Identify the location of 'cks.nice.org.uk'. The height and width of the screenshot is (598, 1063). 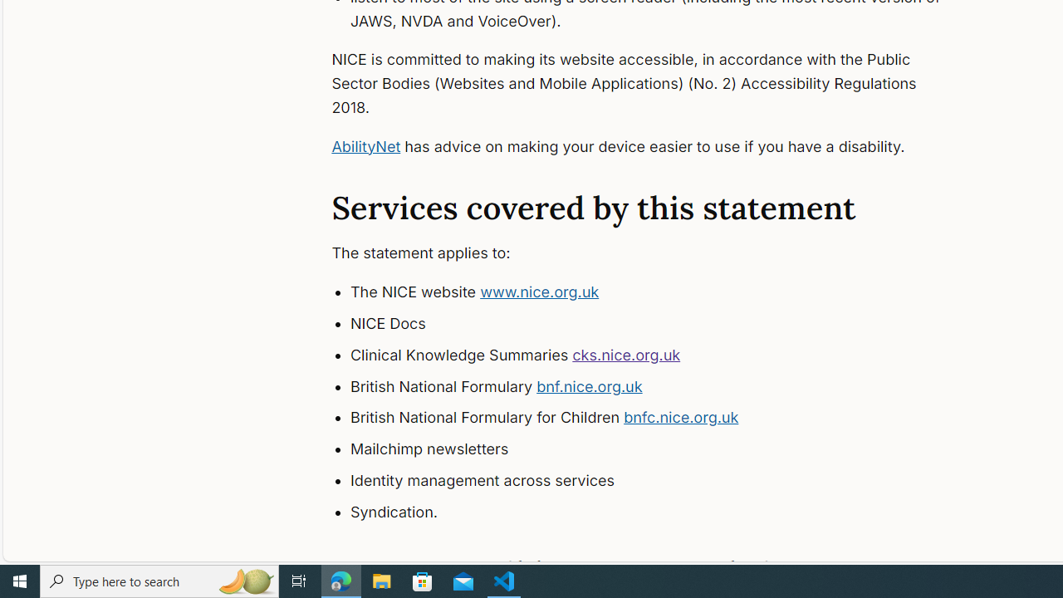
(625, 353).